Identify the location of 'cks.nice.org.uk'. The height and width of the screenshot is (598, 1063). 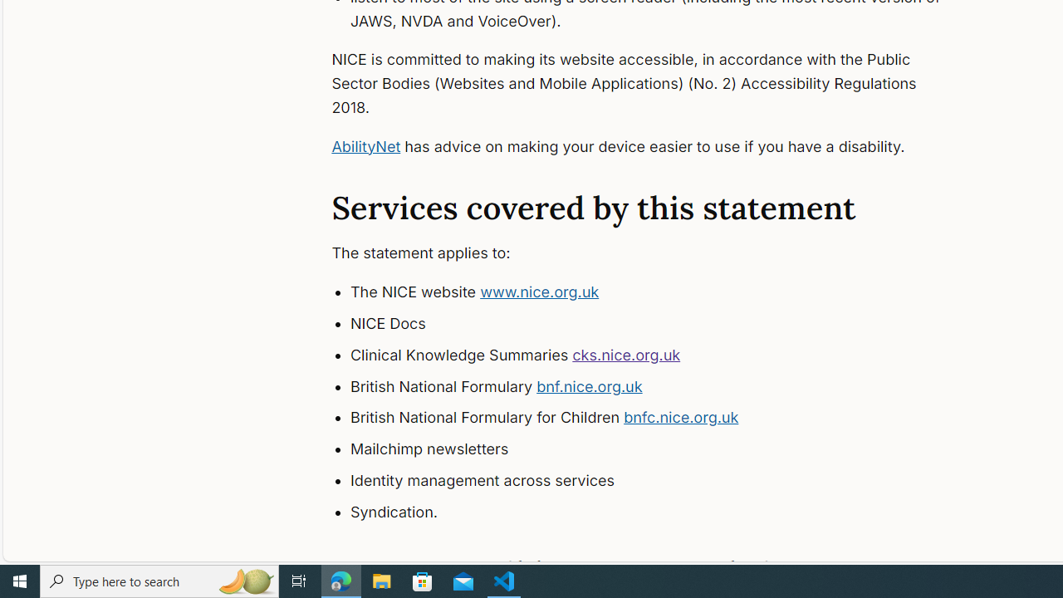
(625, 353).